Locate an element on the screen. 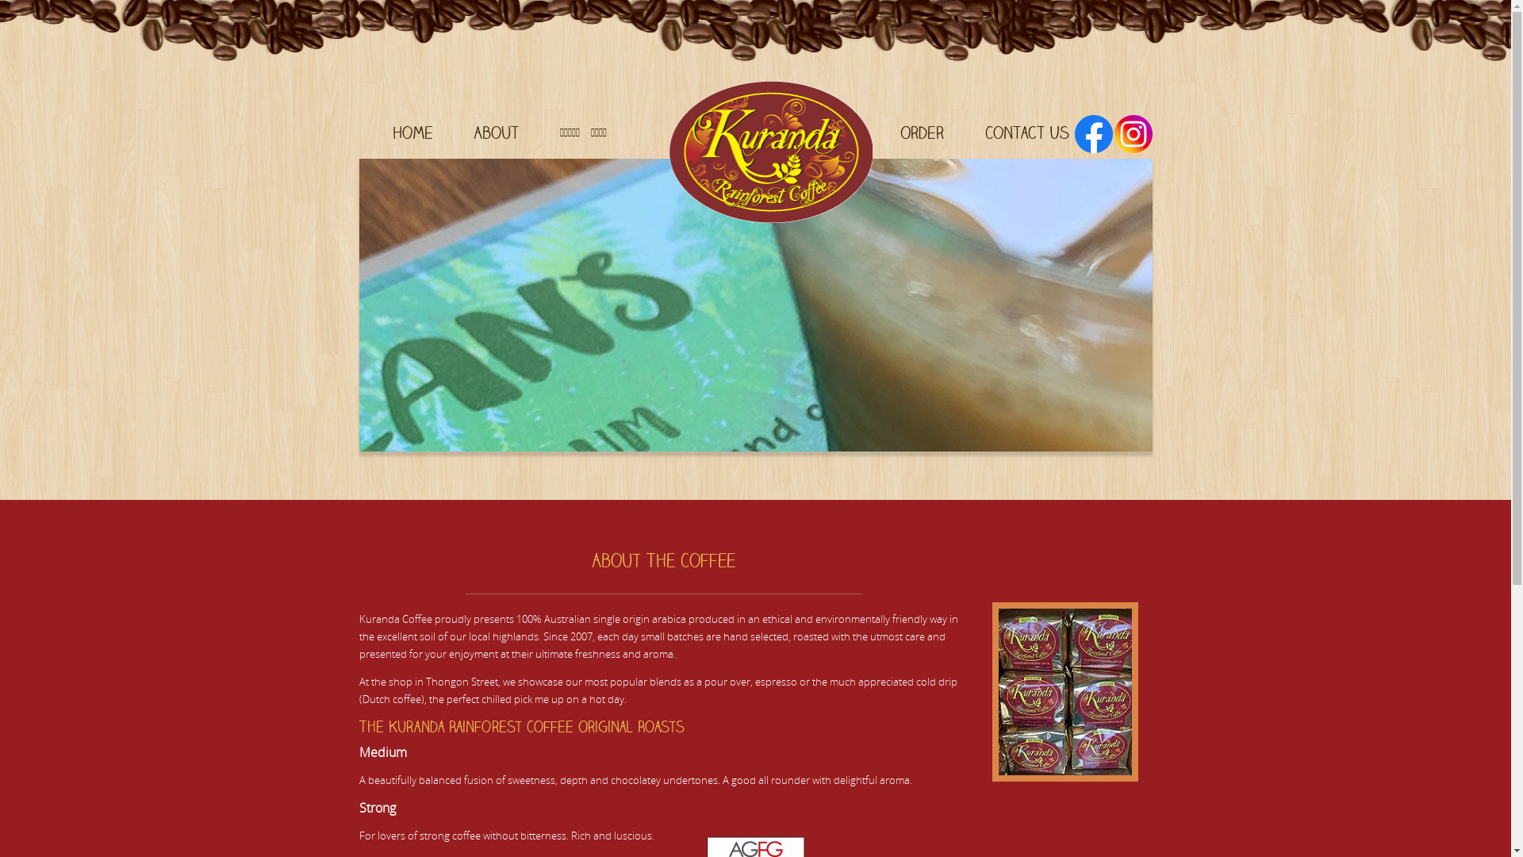 Image resolution: width=1523 pixels, height=857 pixels. 'Home' is located at coordinates (412, 131).